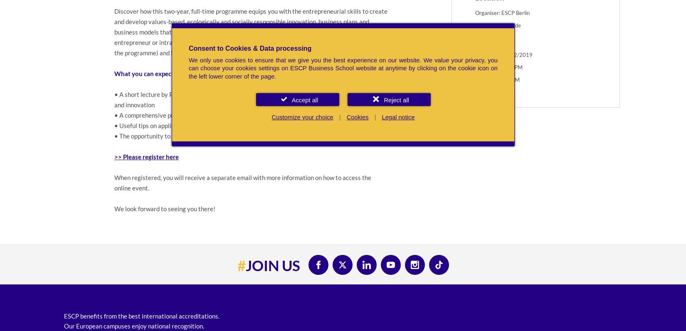  I want to click on 'Reject all', so click(384, 99).